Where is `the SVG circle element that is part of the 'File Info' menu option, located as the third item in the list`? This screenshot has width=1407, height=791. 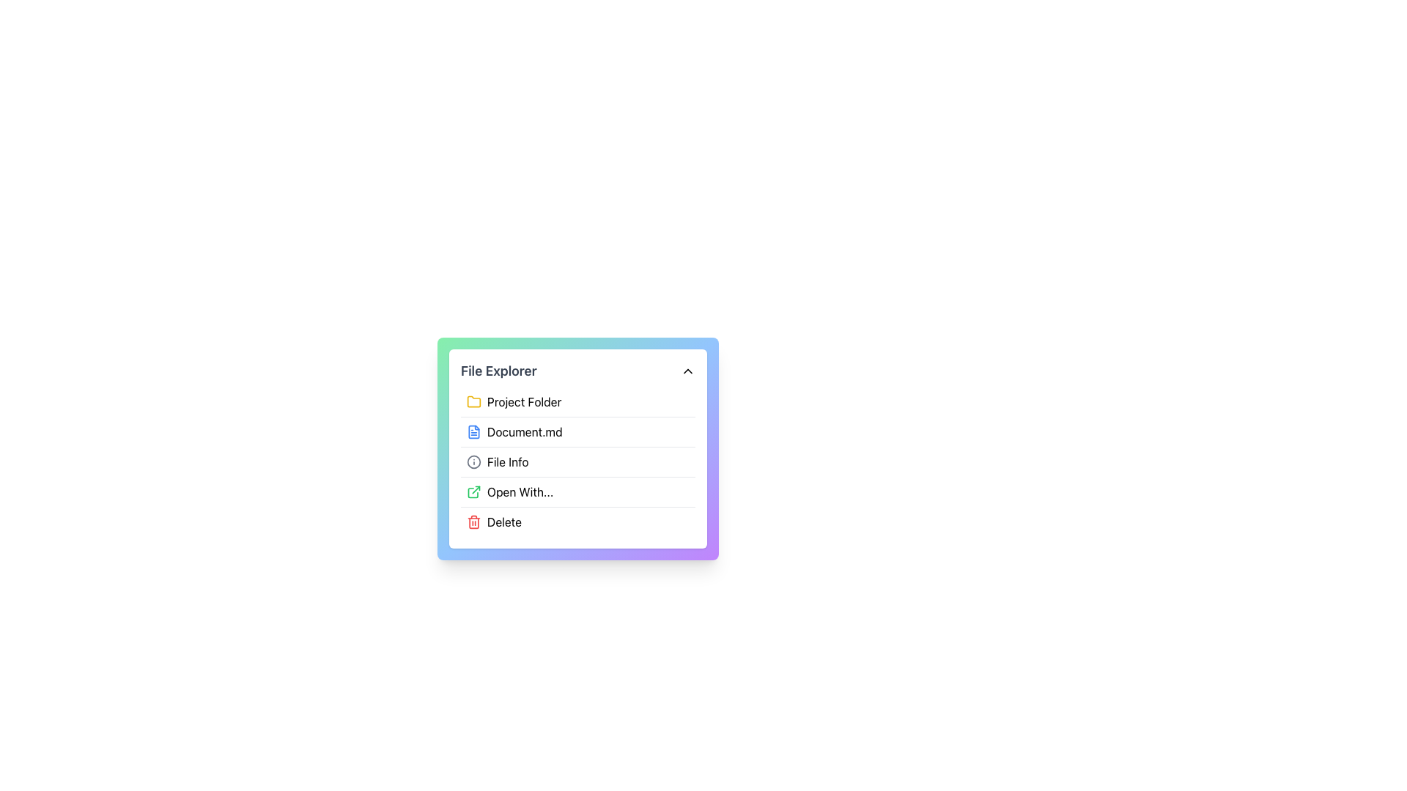 the SVG circle element that is part of the 'File Info' menu option, located as the third item in the list is located at coordinates (474, 462).